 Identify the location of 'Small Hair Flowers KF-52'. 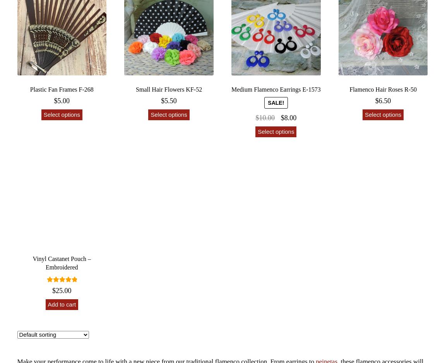
(169, 89).